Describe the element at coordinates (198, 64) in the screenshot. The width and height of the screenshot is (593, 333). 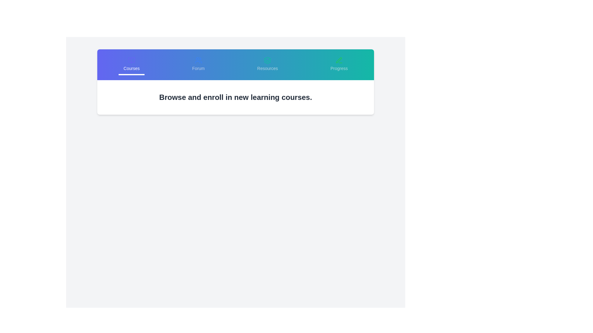
I see `the tab option Forum` at that location.